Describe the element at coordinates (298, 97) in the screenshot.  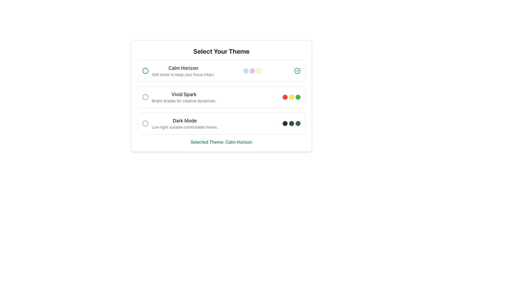
I see `the third circle in the color selection indicator group` at that location.